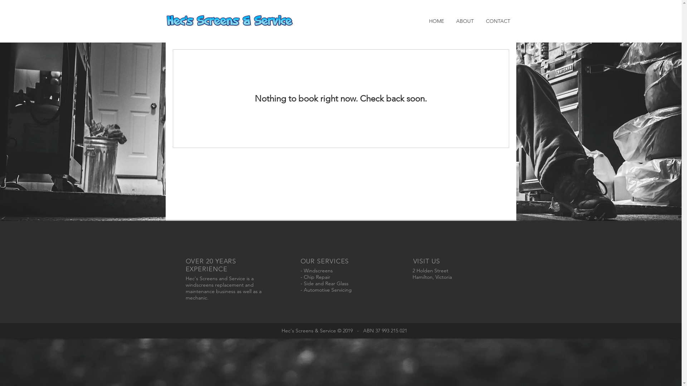 This screenshot has height=386, width=687. I want to click on 'CONTACT', so click(497, 20).